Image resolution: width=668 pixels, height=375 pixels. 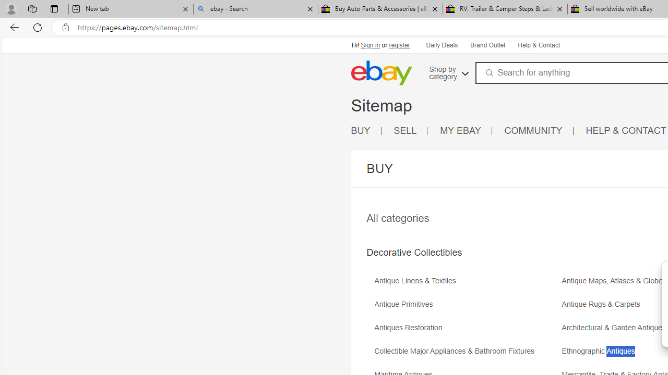 What do you see at coordinates (366, 130) in the screenshot?
I see `'BUY'` at bounding box center [366, 130].